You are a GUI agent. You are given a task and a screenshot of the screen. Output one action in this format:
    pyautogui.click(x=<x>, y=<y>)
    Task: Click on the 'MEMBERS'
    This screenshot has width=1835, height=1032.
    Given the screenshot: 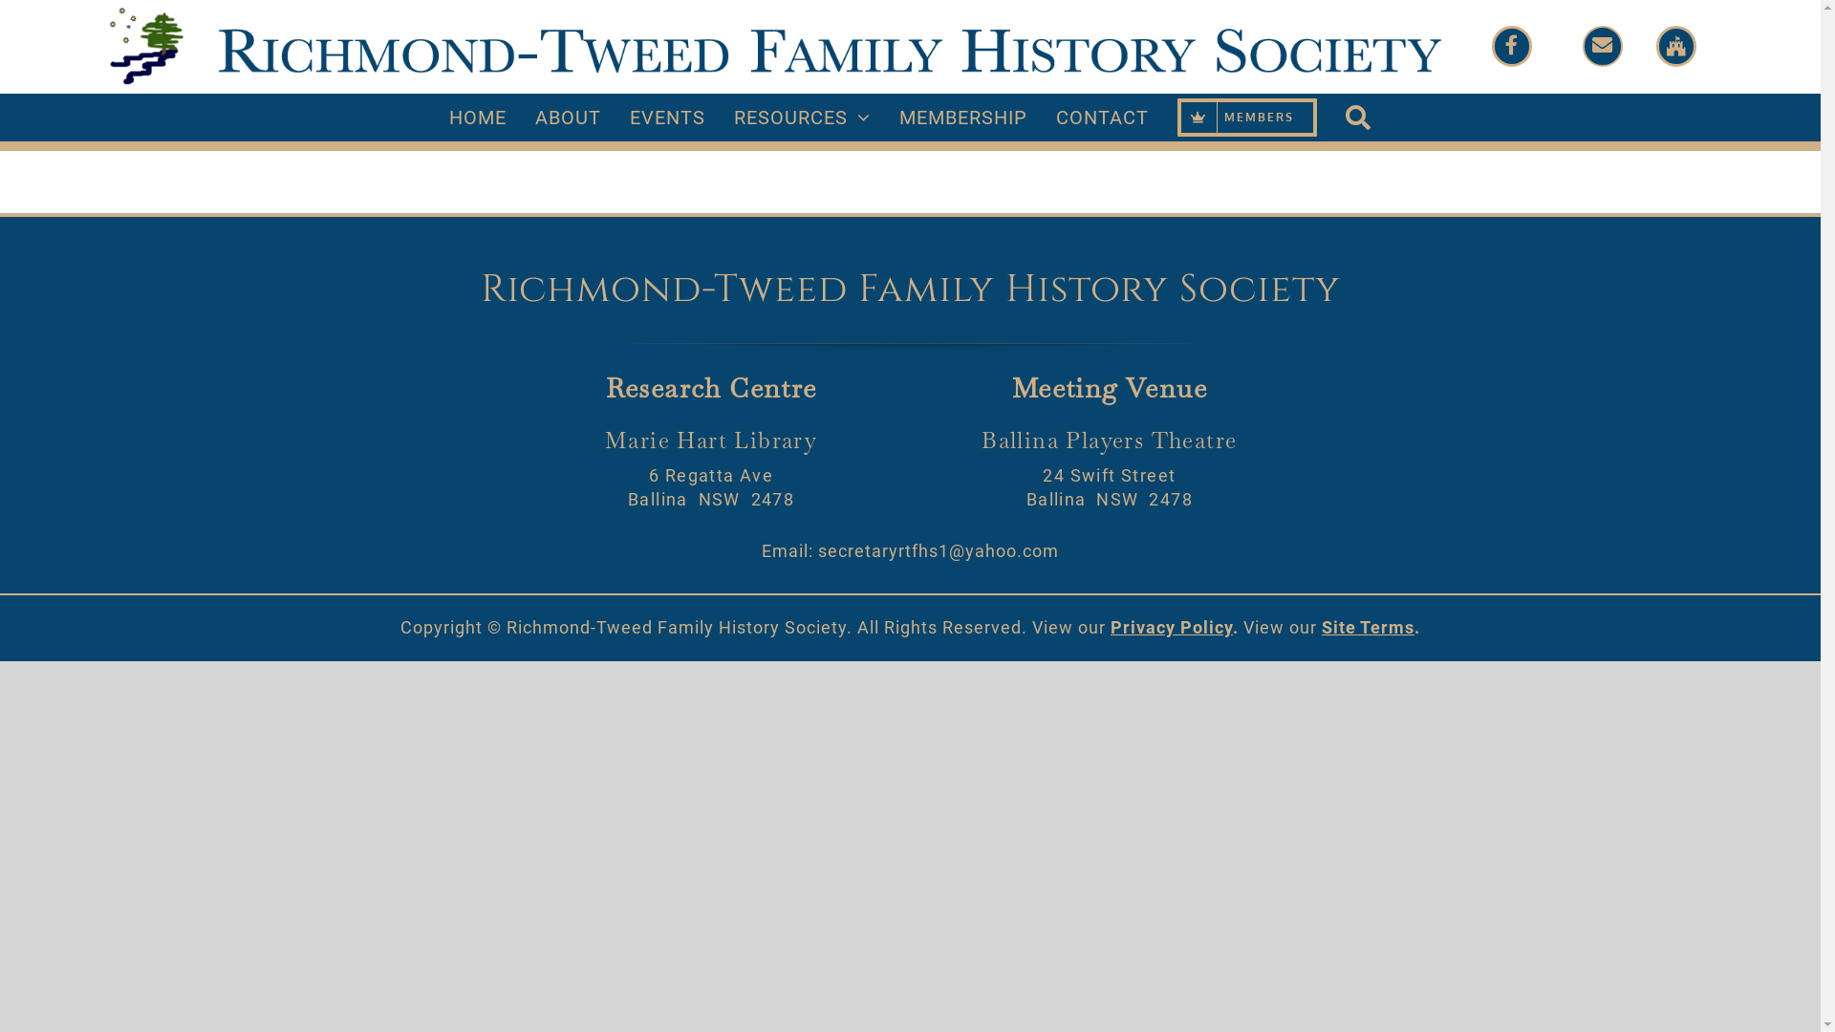 What is the action you would take?
    pyautogui.click(x=1247, y=118)
    